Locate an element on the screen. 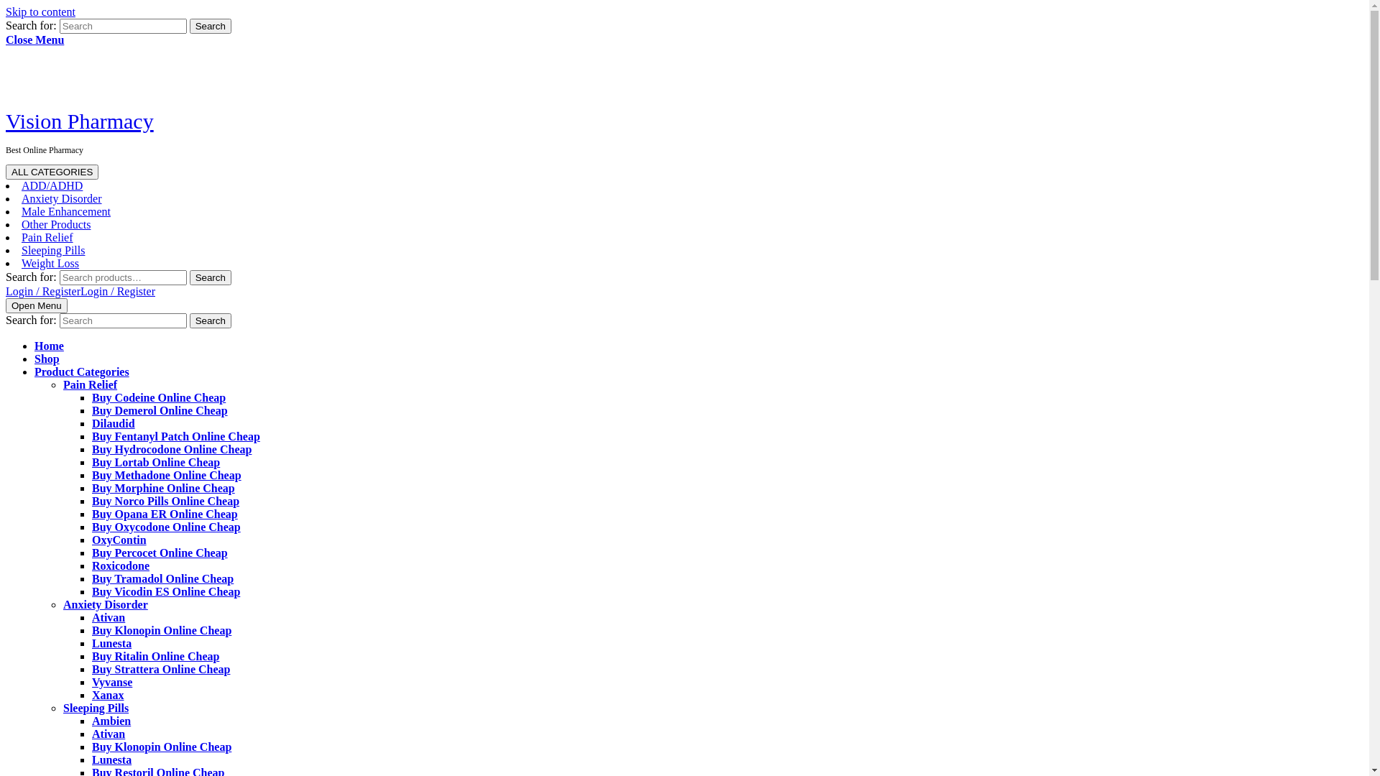 The height and width of the screenshot is (776, 1380). 'Buy Morphine Online Cheap' is located at coordinates (163, 487).